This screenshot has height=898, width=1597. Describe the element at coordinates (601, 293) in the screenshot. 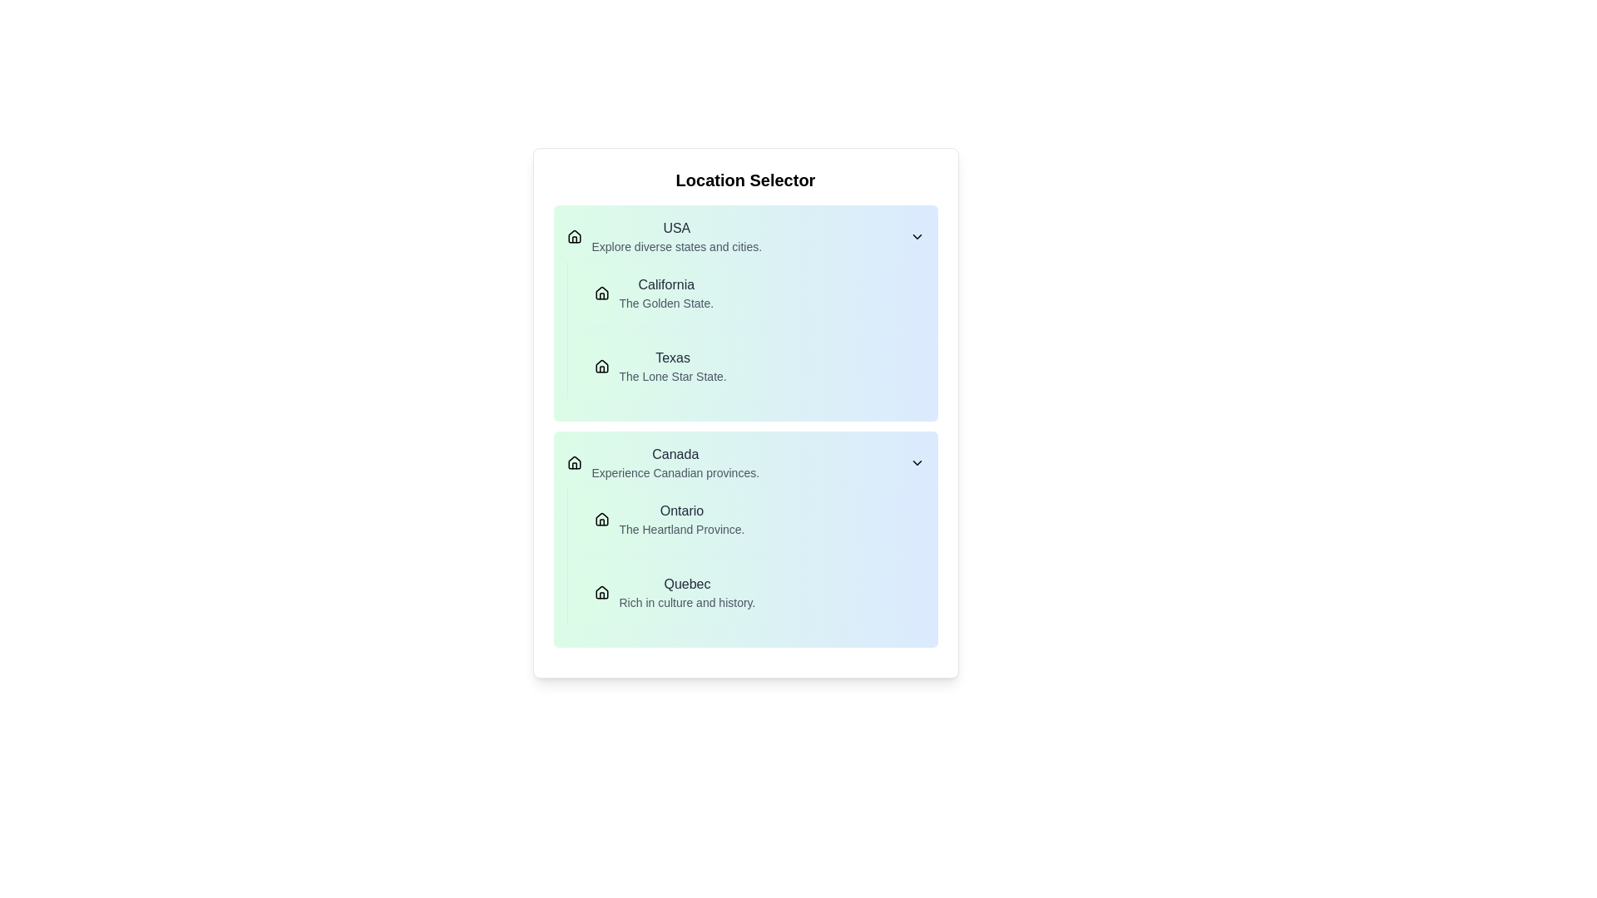

I see `the black minimalist line art house icon located to the left of the text 'California' and 'The Golden State', which is the first icon in its group under the category 'USA'` at that location.